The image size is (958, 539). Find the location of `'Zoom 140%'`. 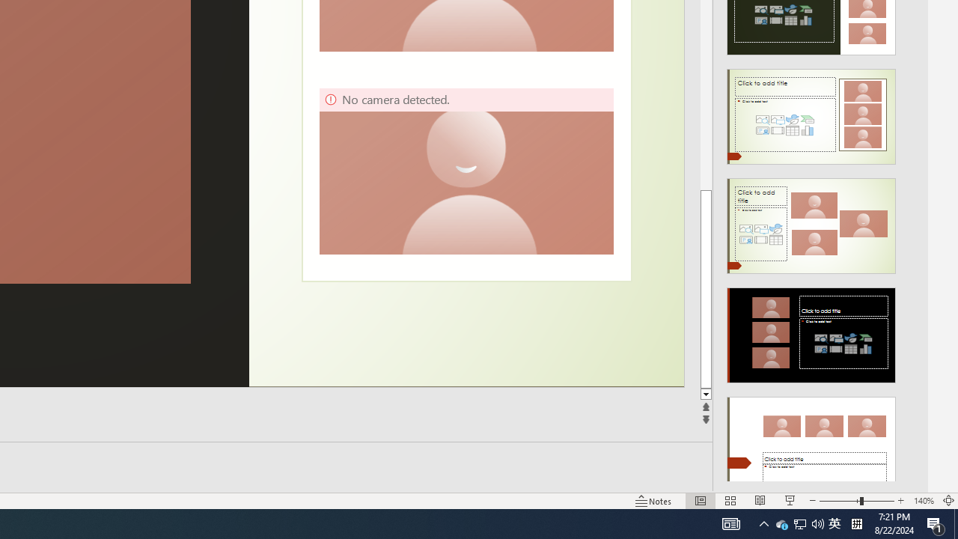

'Zoom 140%' is located at coordinates (923, 501).